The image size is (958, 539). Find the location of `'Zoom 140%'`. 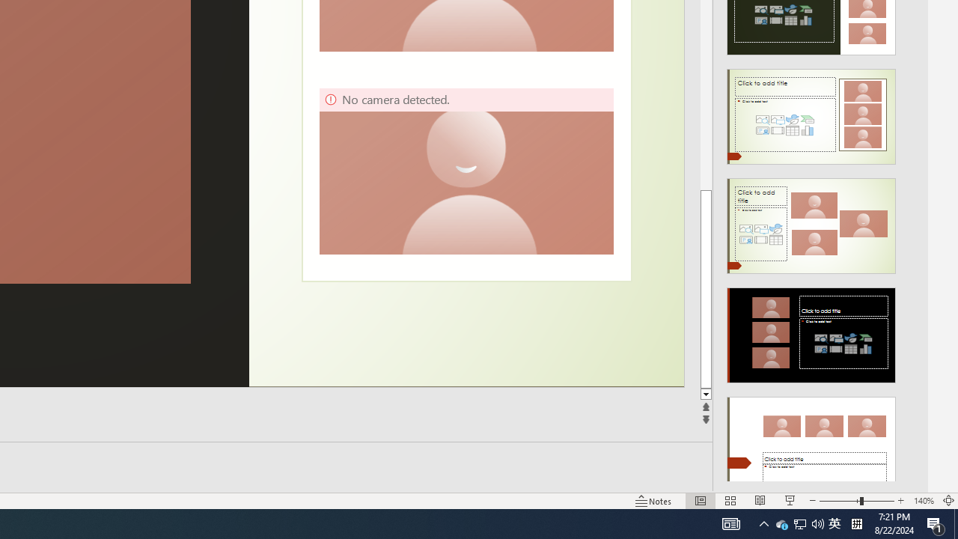

'Zoom 140%' is located at coordinates (923, 501).